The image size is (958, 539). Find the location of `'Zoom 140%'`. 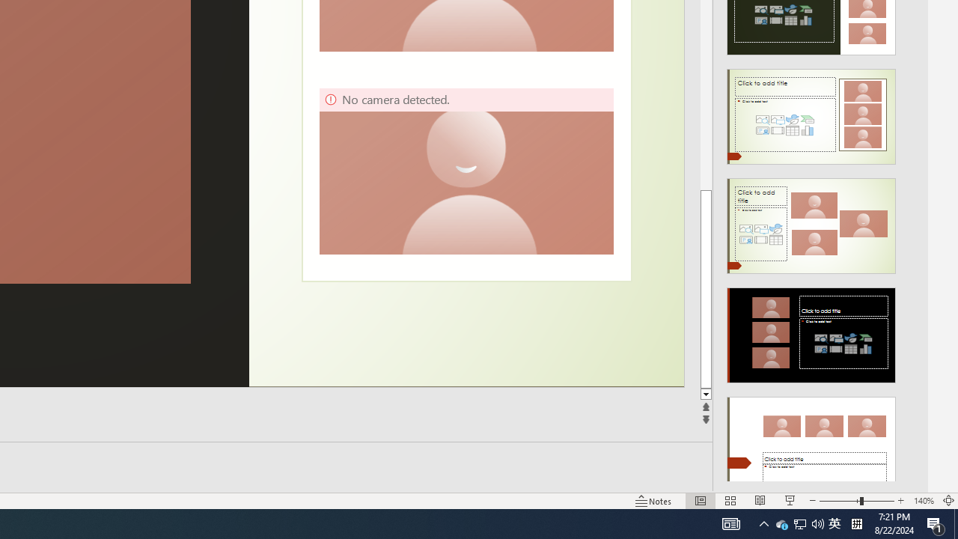

'Zoom 140%' is located at coordinates (923, 501).